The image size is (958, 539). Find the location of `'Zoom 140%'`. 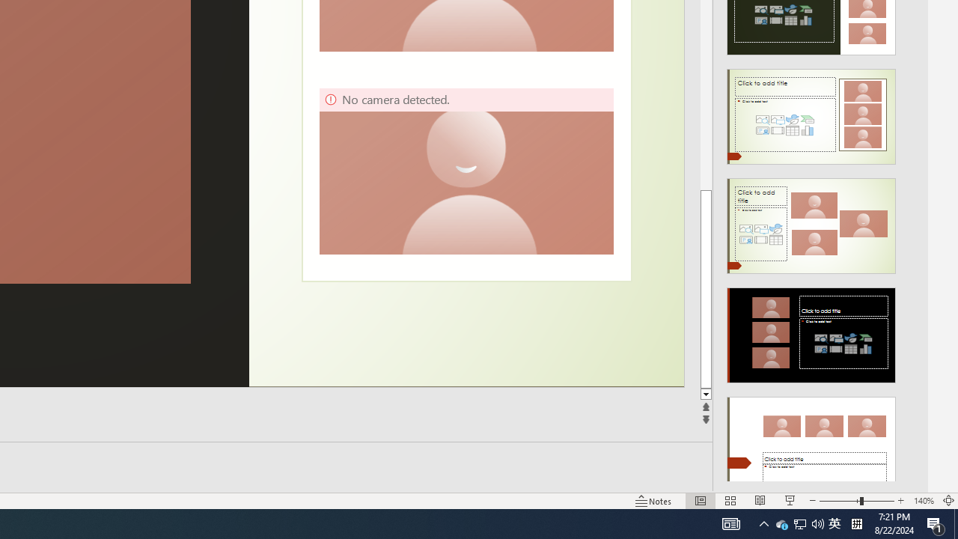

'Zoom 140%' is located at coordinates (923, 501).